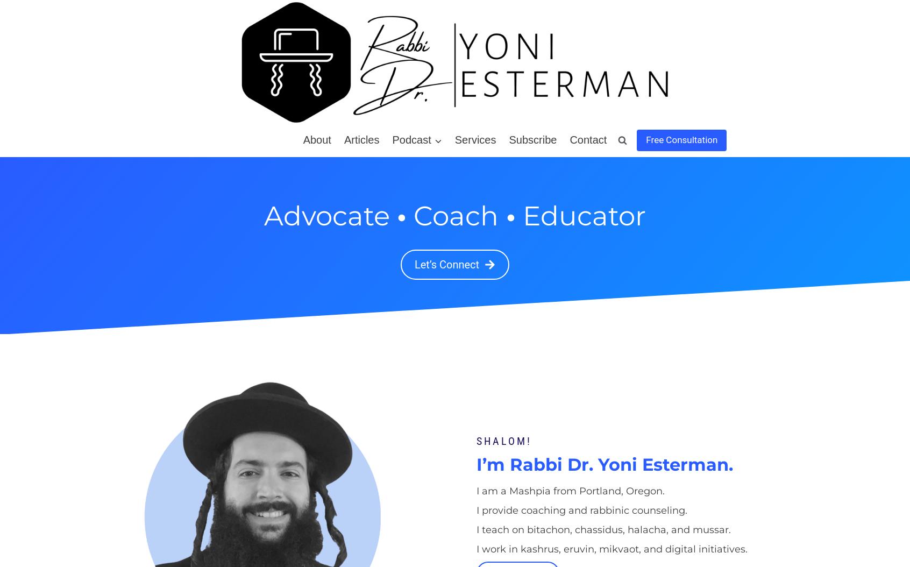  I want to click on 'Podcast', so click(410, 140).